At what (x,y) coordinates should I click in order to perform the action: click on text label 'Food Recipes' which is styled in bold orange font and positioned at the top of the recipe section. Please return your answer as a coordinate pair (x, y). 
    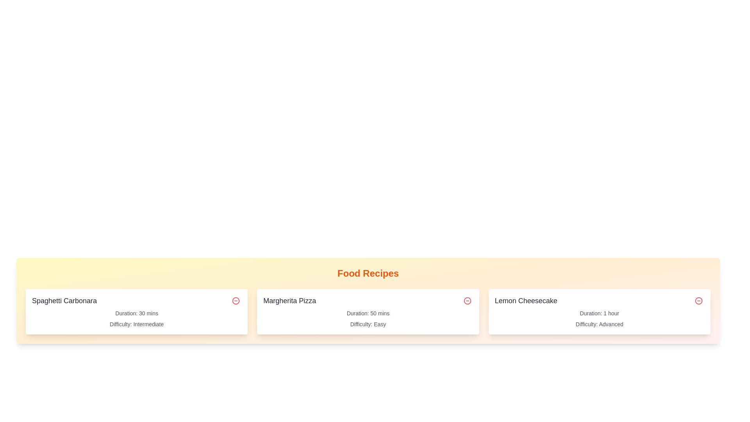
    Looking at the image, I should click on (368, 273).